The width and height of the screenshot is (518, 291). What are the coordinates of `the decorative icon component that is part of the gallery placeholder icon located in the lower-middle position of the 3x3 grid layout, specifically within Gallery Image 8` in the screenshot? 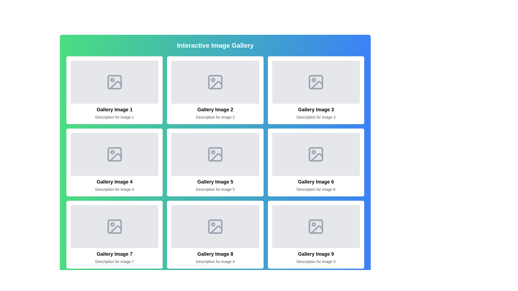 It's located at (216, 230).